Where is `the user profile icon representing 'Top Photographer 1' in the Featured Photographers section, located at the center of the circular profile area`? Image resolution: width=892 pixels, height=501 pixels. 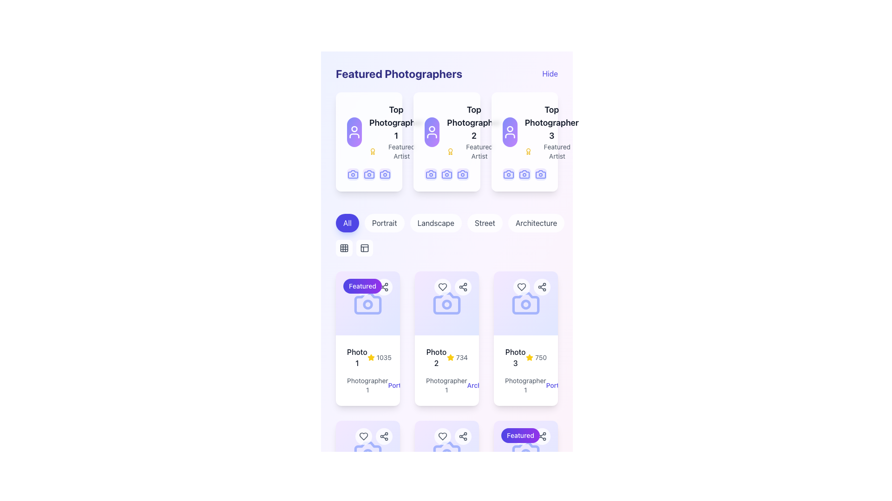
the user profile icon representing 'Top Photographer 1' in the Featured Photographers section, located at the center of the circular profile area is located at coordinates (354, 132).